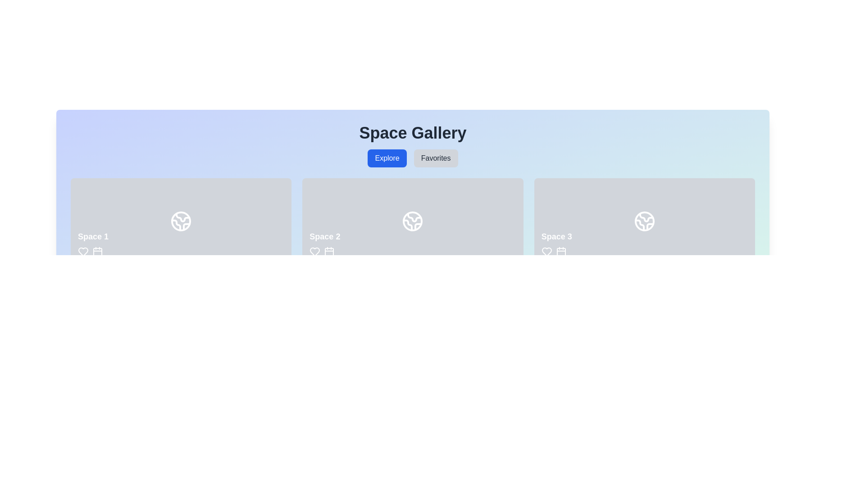 The width and height of the screenshot is (865, 486). Describe the element at coordinates (324, 252) in the screenshot. I see `the group of action icons located at the bottom-left corner beneath the text 'Space 2' for performing actions related to the card` at that location.